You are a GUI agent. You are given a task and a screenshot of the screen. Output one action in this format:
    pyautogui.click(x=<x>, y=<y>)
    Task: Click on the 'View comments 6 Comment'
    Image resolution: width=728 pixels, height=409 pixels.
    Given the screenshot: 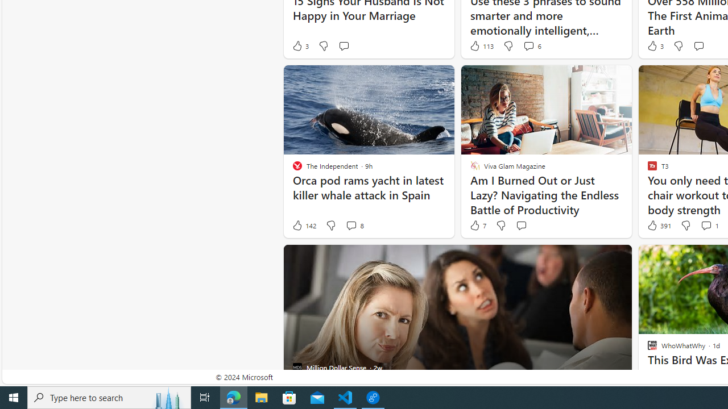 What is the action you would take?
    pyautogui.click(x=528, y=45)
    